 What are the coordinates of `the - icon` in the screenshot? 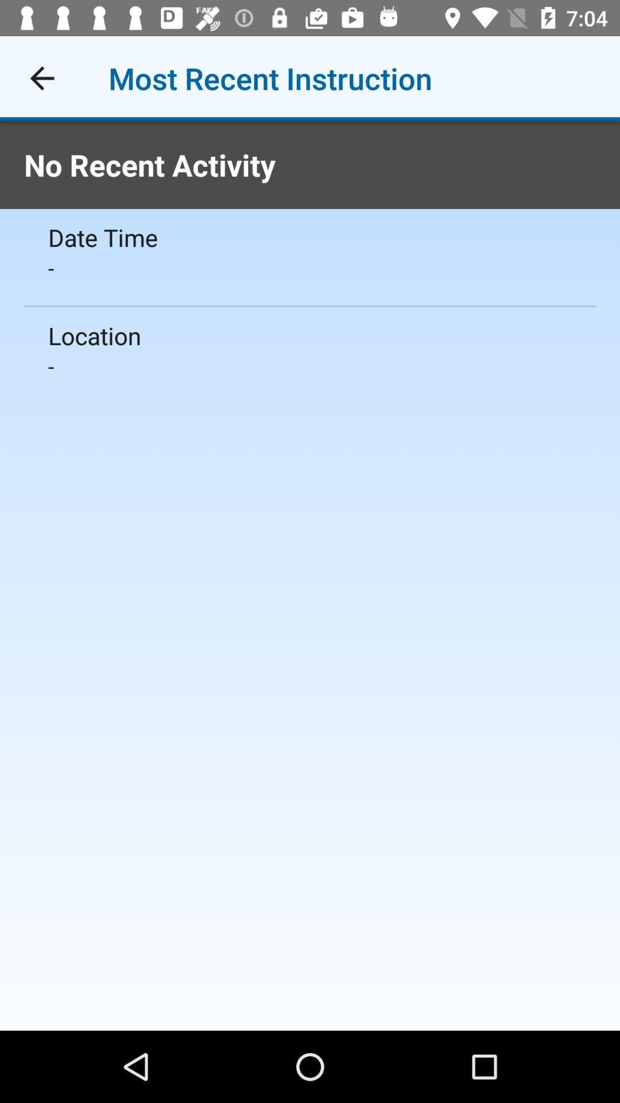 It's located at (310, 267).